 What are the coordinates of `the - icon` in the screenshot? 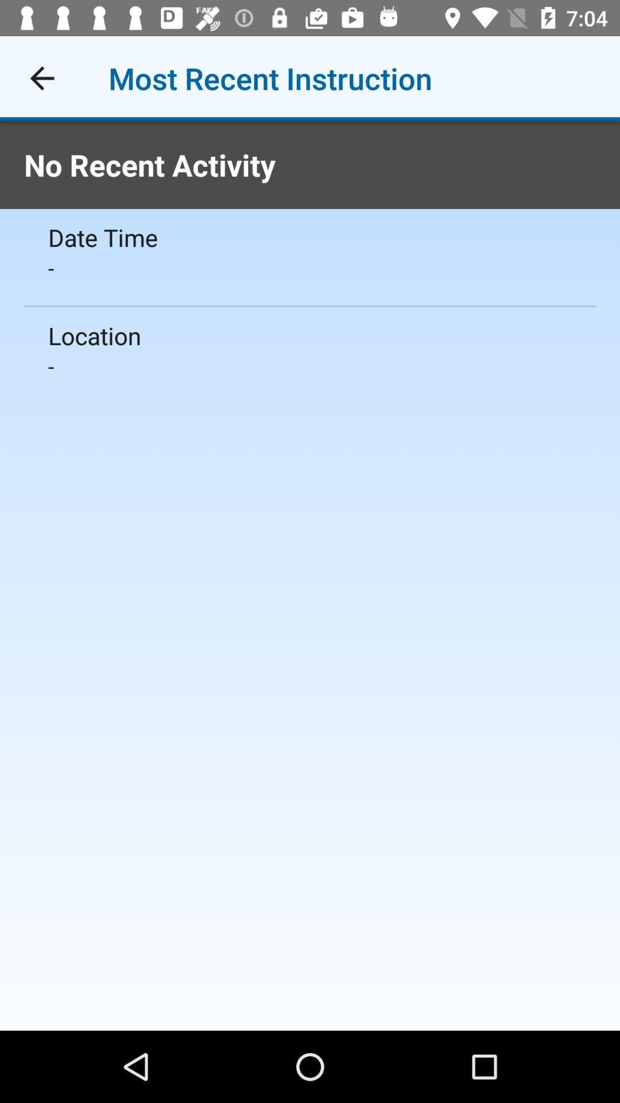 It's located at (310, 267).